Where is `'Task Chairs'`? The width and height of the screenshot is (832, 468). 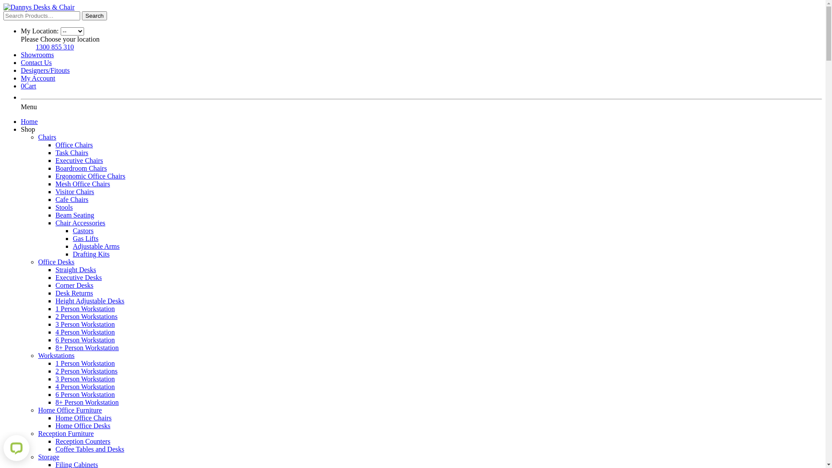
'Task Chairs' is located at coordinates (72, 152).